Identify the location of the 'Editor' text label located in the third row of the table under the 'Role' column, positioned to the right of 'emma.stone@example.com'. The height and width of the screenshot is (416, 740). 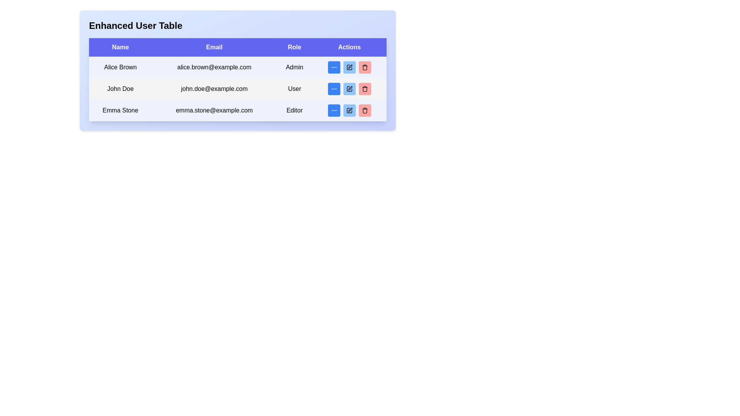
(294, 110).